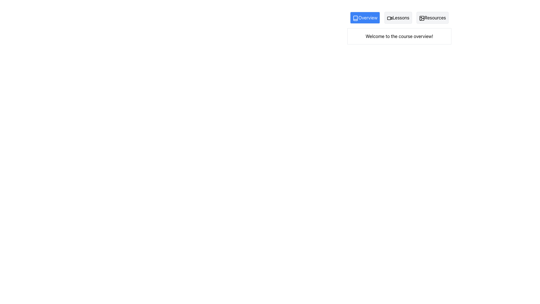 This screenshot has width=540, height=304. I want to click on the rightmost button in a row of three buttons, so click(432, 17).